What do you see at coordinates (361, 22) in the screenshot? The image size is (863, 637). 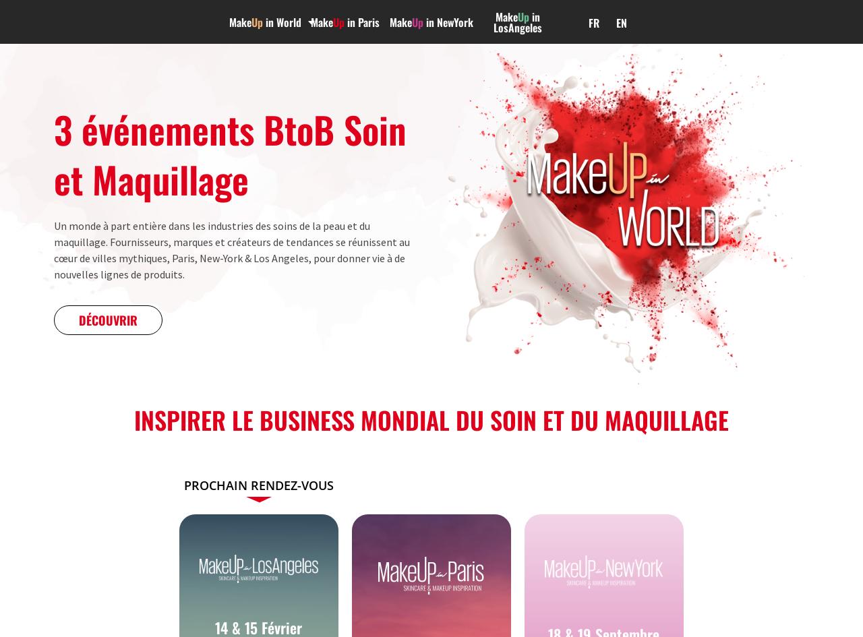 I see `'in Paris'` at bounding box center [361, 22].